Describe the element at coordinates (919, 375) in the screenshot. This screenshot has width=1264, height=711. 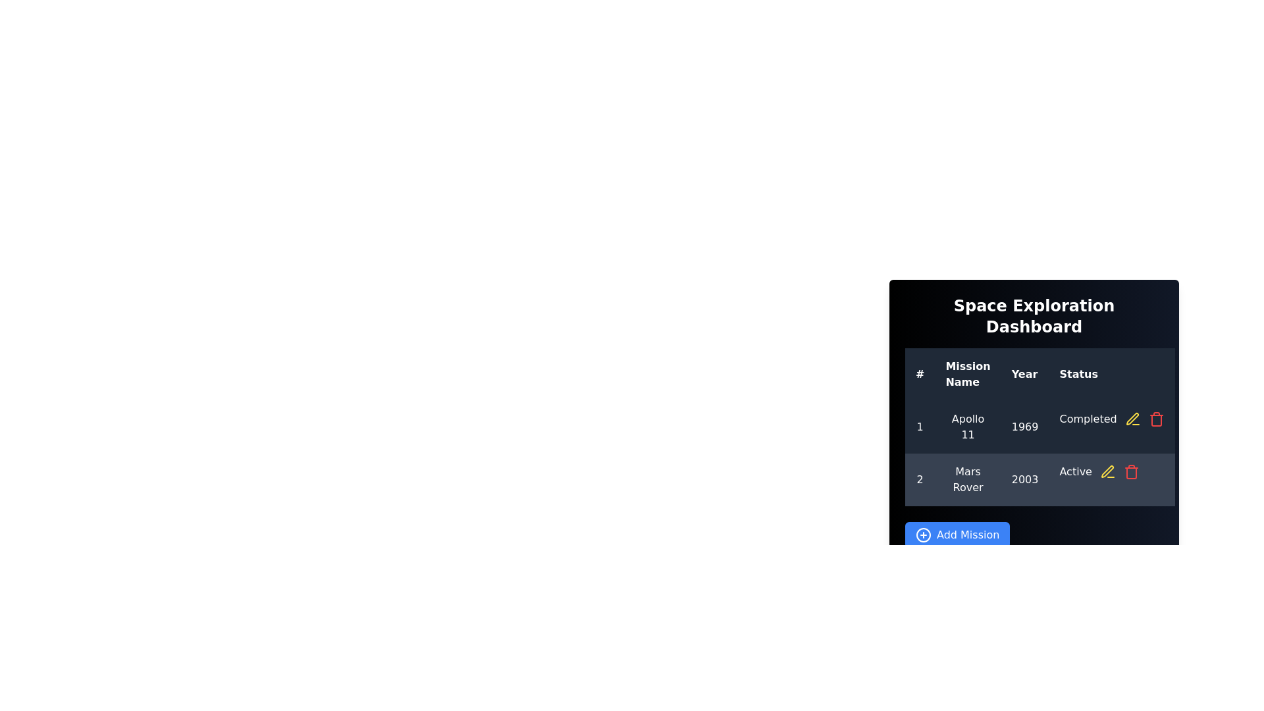
I see `the first column header in the table that indicates serial numbers, located at the top-left corner of the header row in the dashboard section` at that location.